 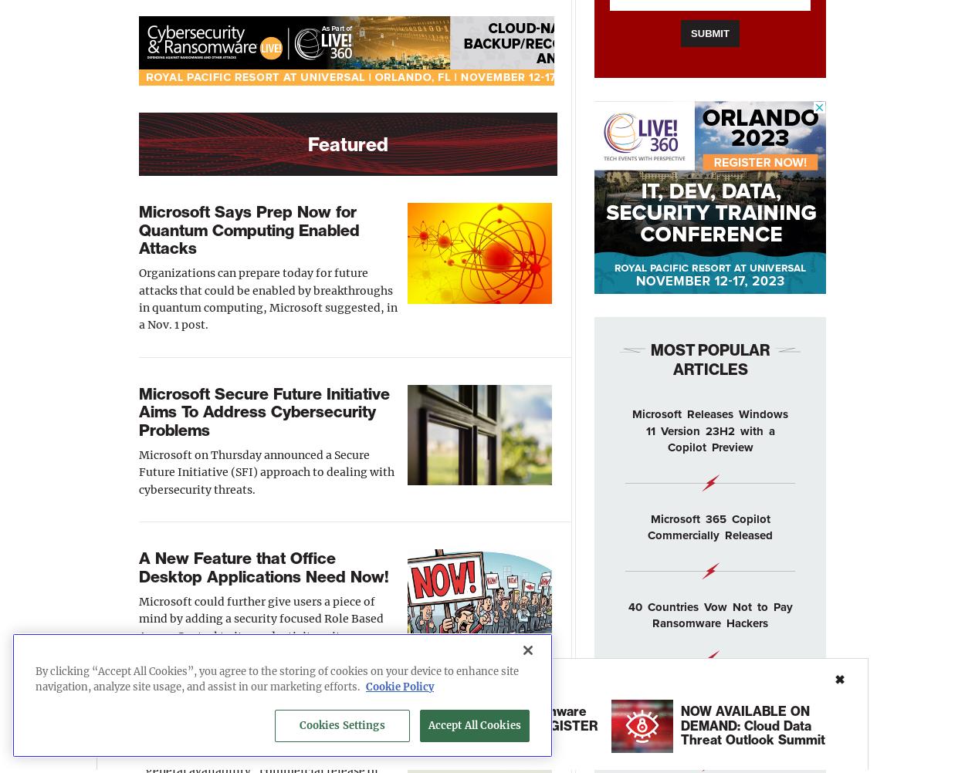 What do you see at coordinates (751, 724) in the screenshot?
I see `'NOW AVAILABLE ON DEMAND: Cloud Data Threat Outlook Summit'` at bounding box center [751, 724].